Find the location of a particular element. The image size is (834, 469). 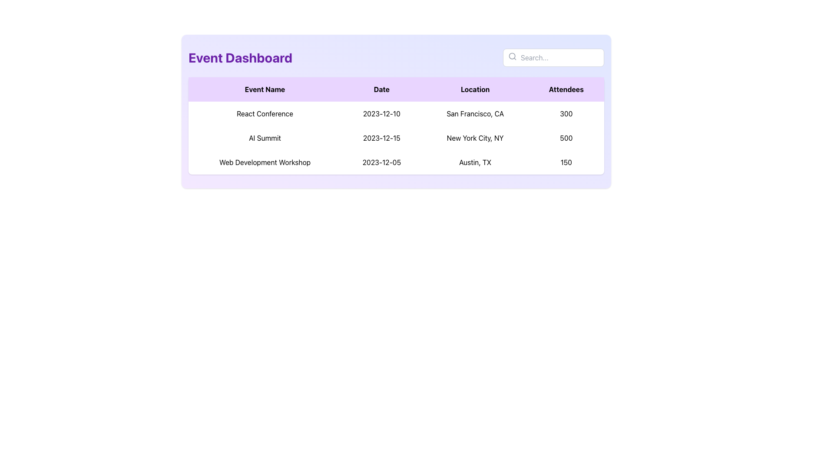

the informational text element displaying the event name 'Web Development Workshop', located in the 'Event Name' column of the table in the third row is located at coordinates (264, 162).